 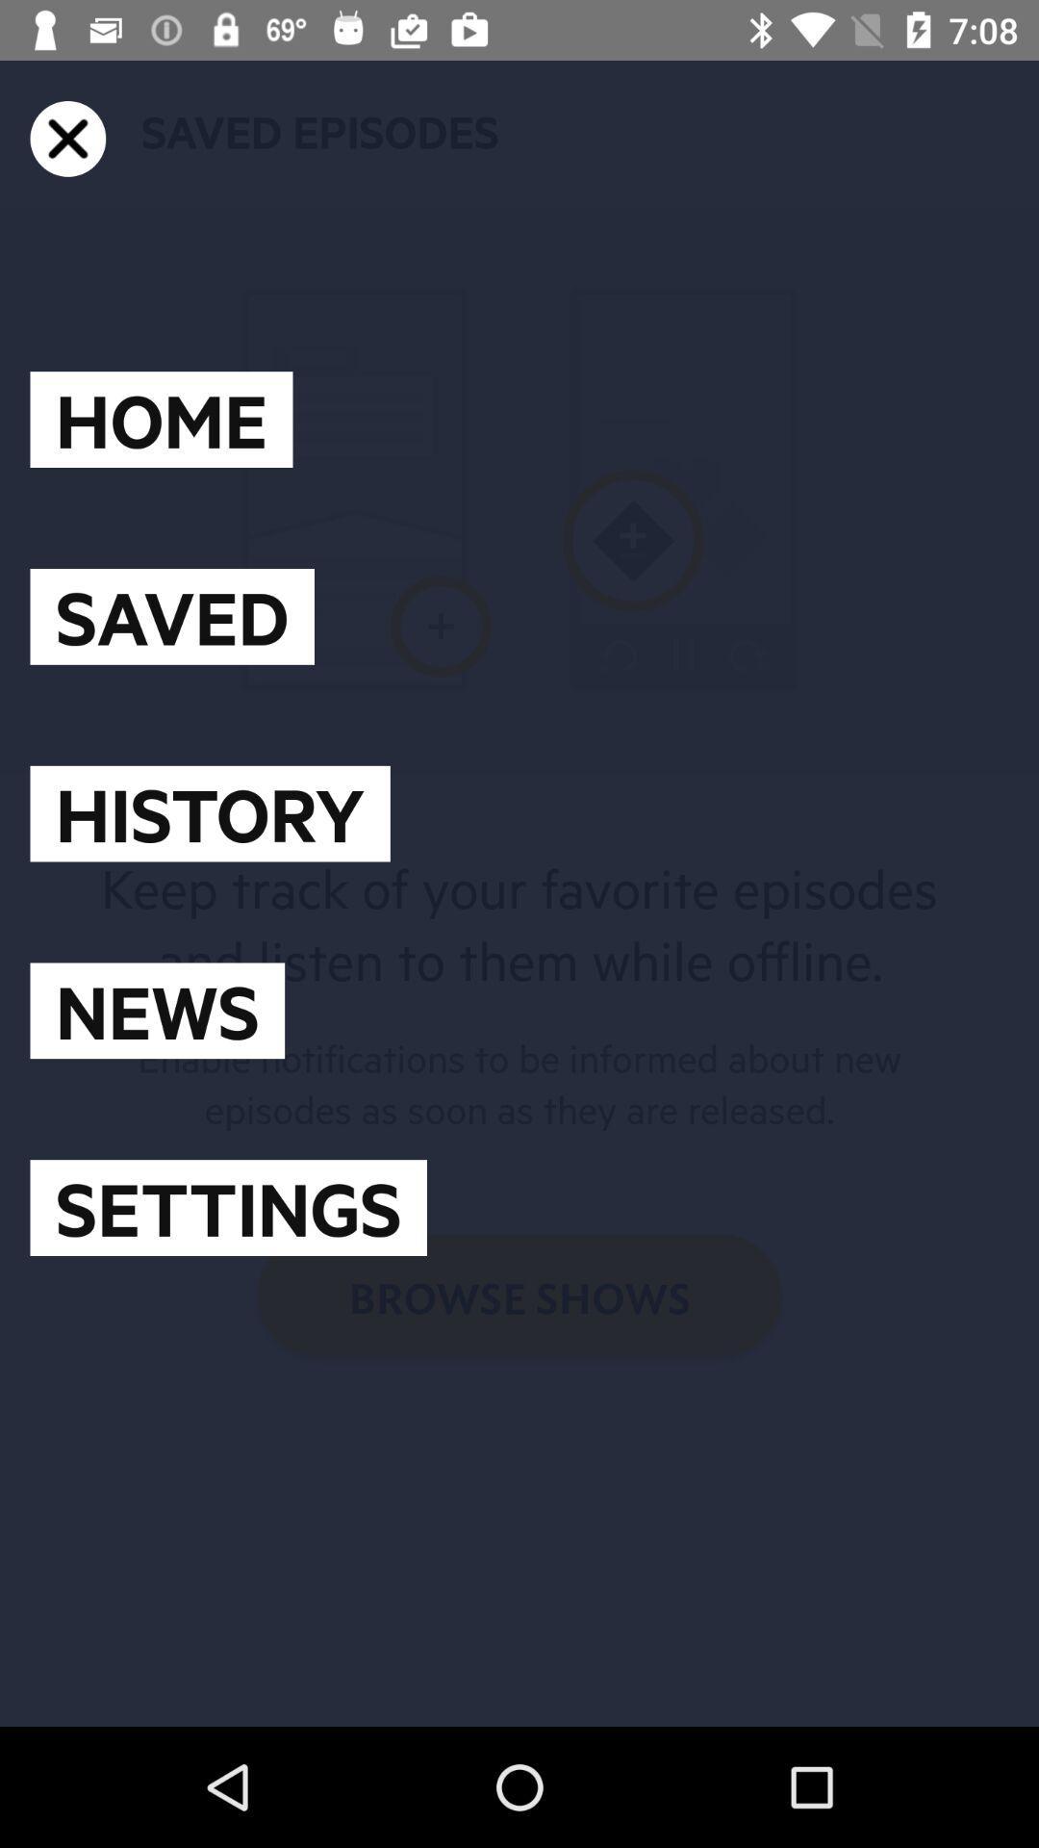 I want to click on home, so click(x=161, y=419).